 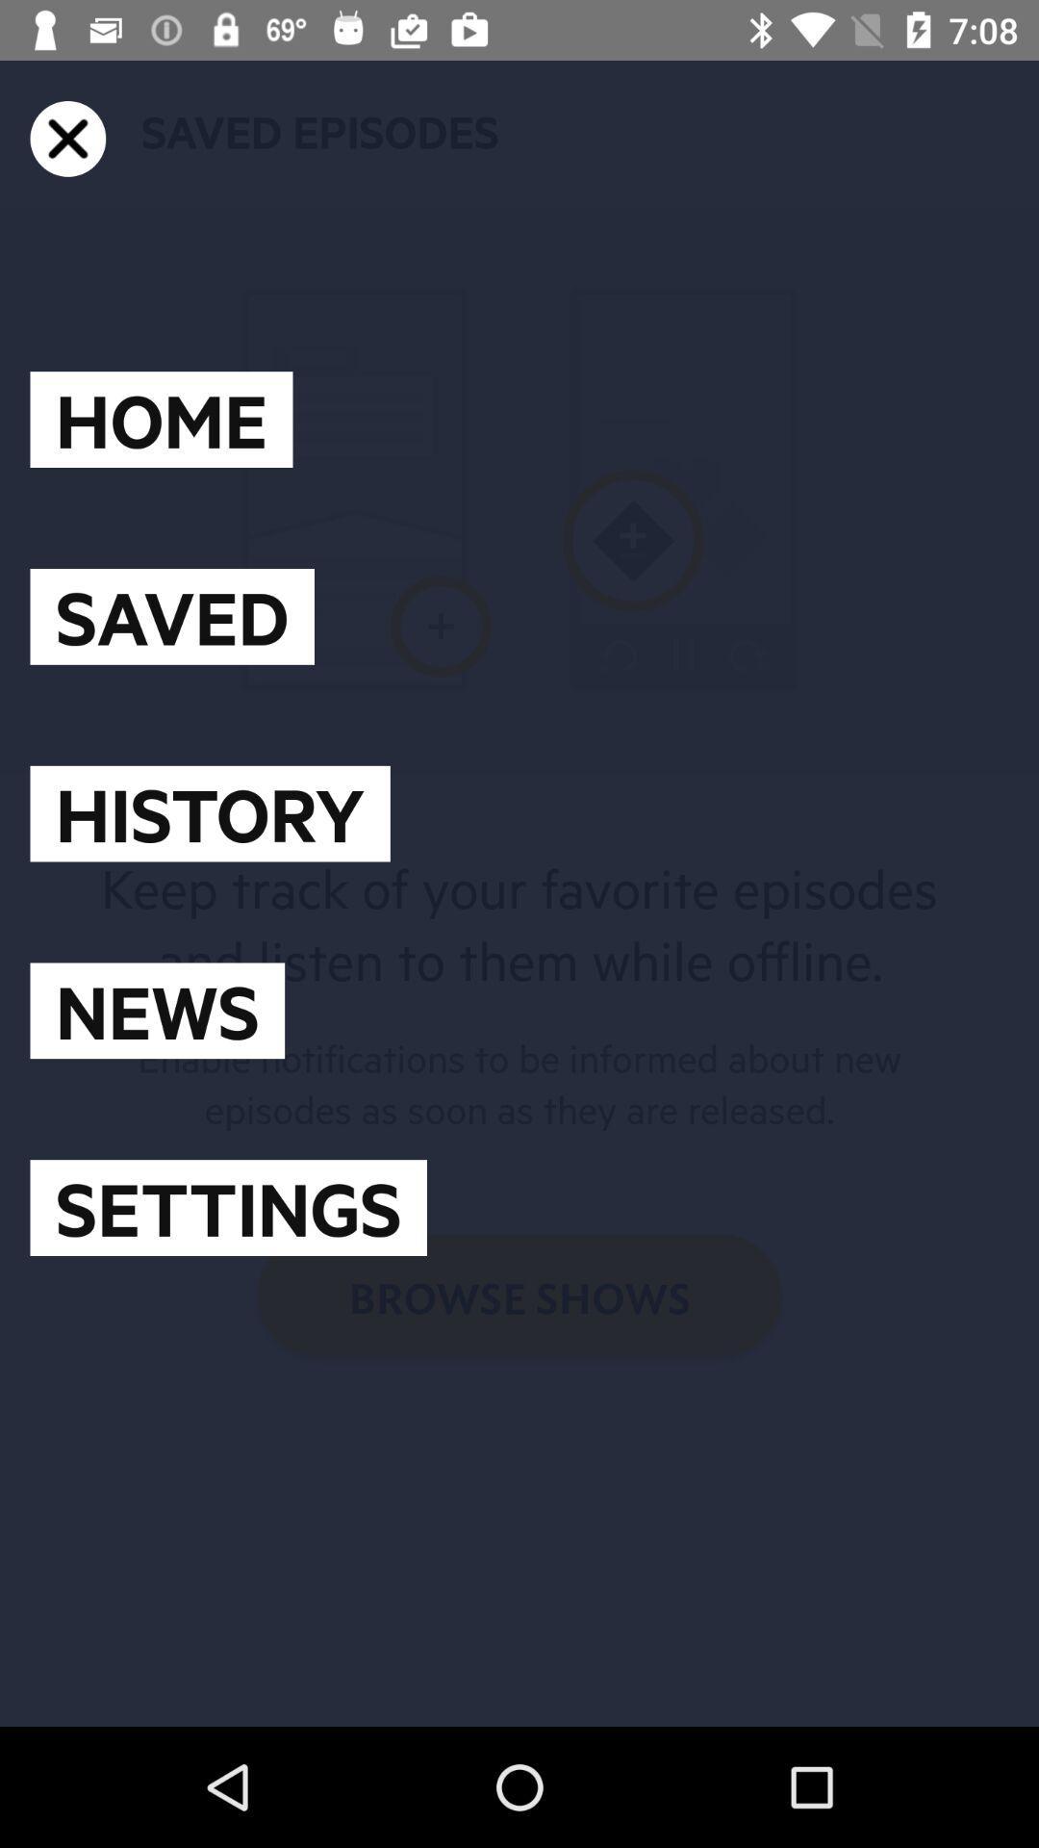 I want to click on home, so click(x=161, y=419).